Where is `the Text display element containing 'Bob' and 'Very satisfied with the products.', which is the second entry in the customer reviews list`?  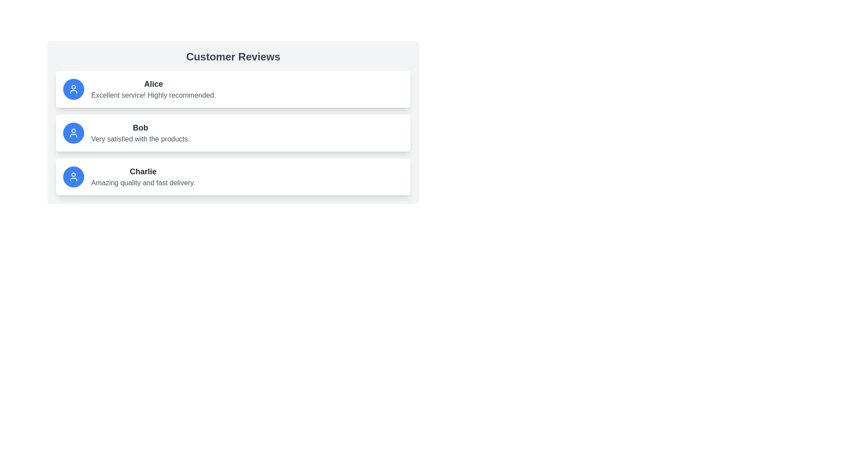 the Text display element containing 'Bob' and 'Very satisfied with the products.', which is the second entry in the customer reviews list is located at coordinates (140, 133).